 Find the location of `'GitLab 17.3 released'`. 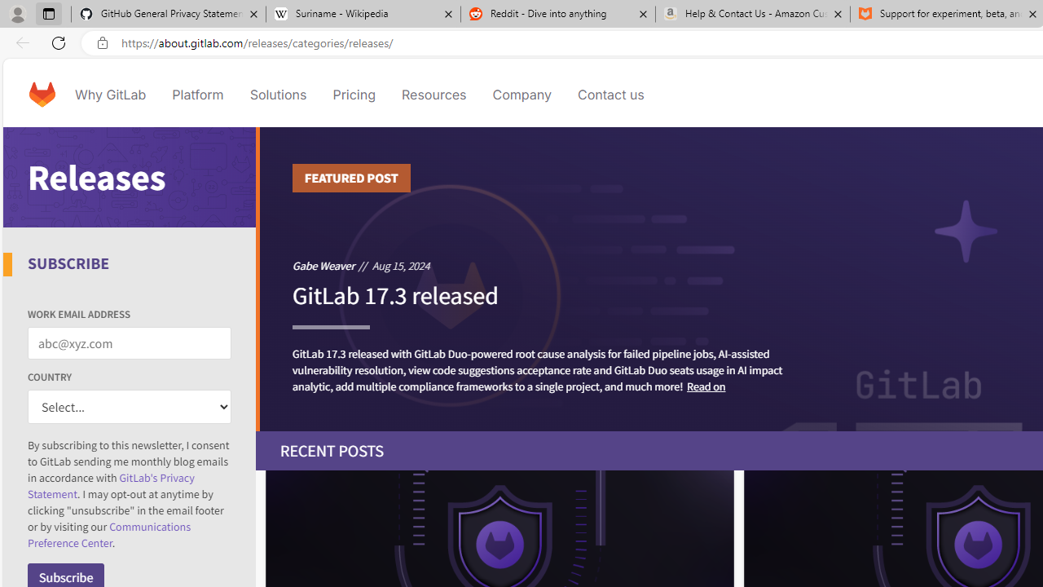

'GitLab 17.3 released' is located at coordinates (395, 302).